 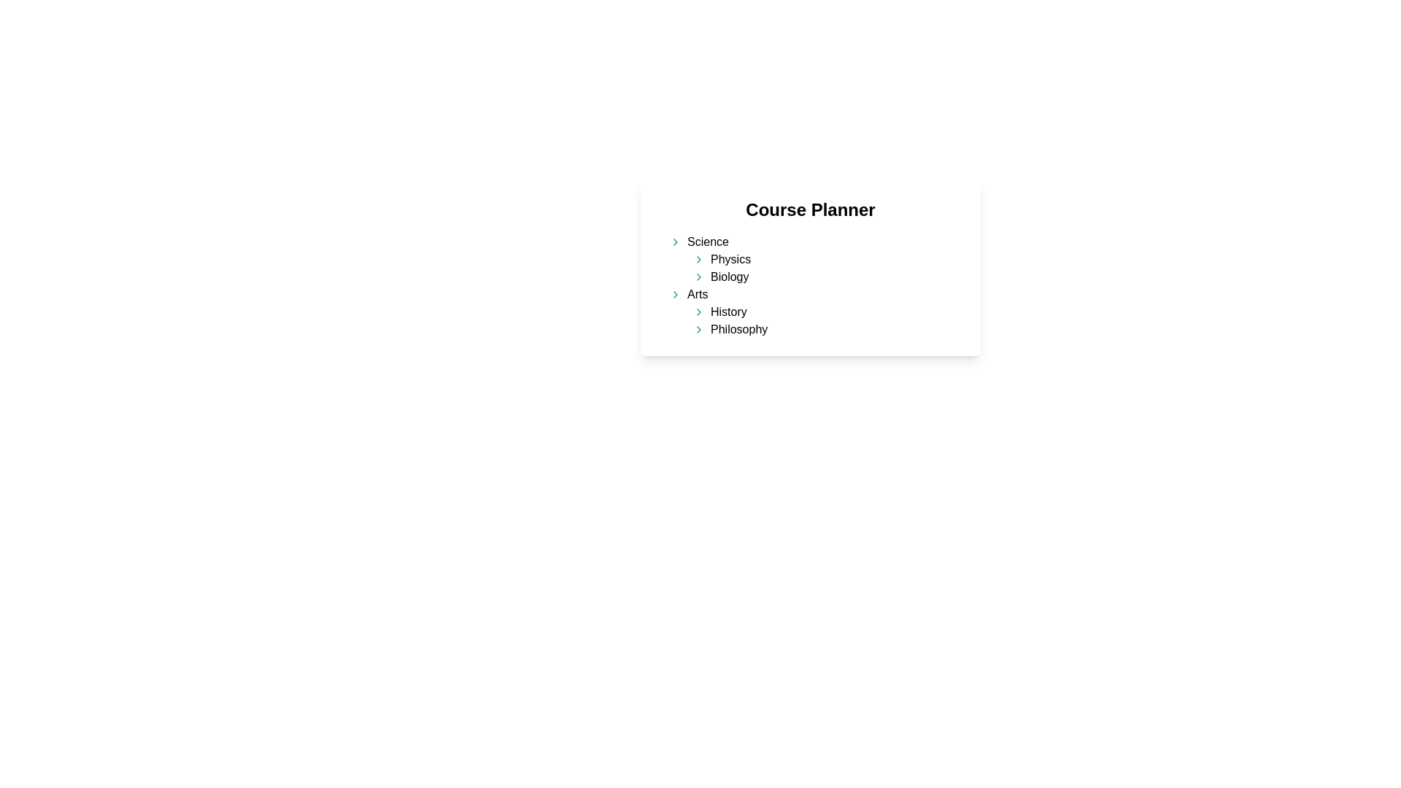 I want to click on the 'Course Planner' text label, which is bold and larger than other elements, to trigger tooltip or style effects, so click(x=809, y=210).